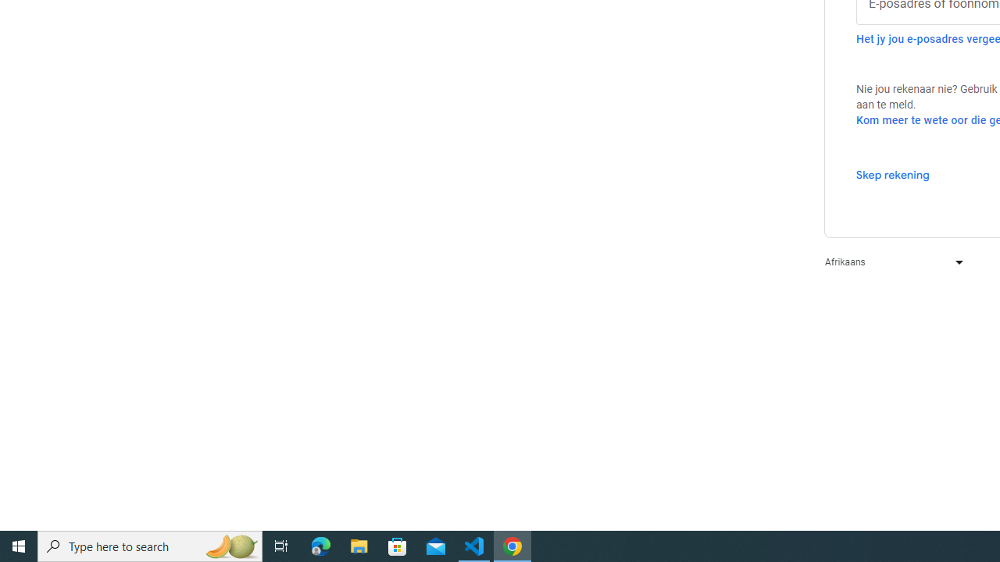  I want to click on 'Microsoft Store', so click(398, 545).